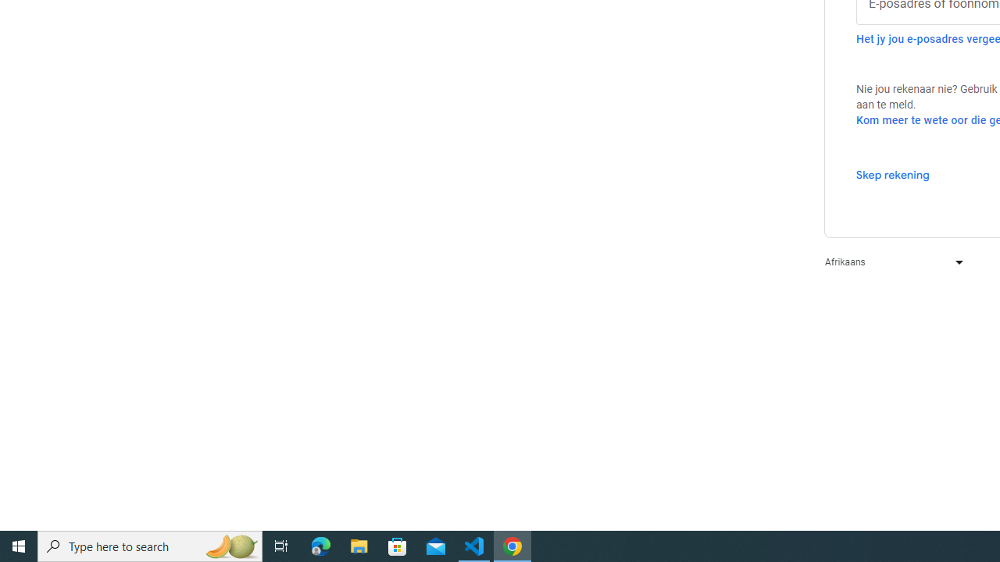  I want to click on 'Microsoft Store', so click(398, 545).